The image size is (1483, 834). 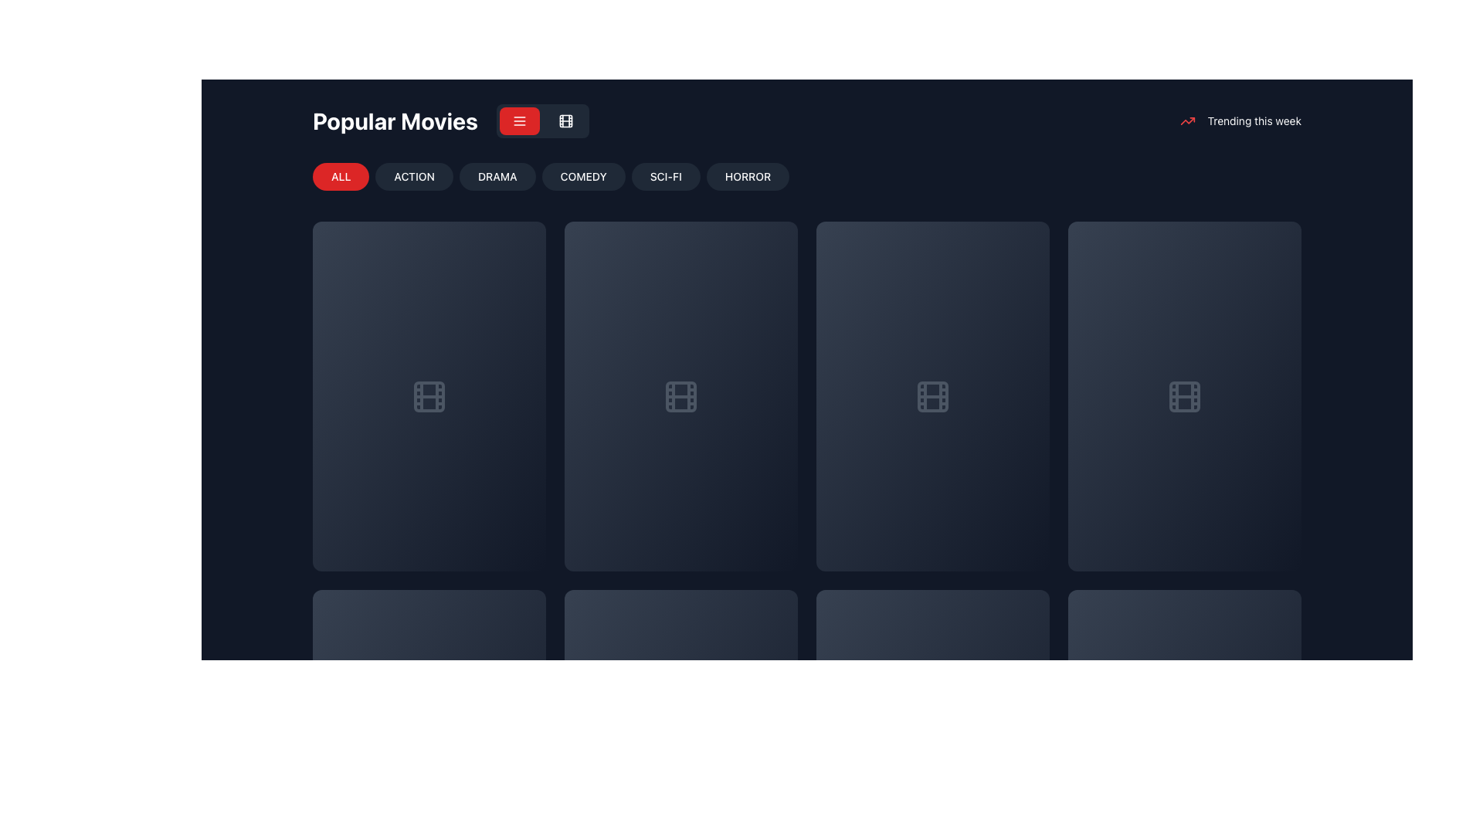 What do you see at coordinates (565, 120) in the screenshot?
I see `the second button in the row of toggle buttons located to the right of the 'Popular Movies' title` at bounding box center [565, 120].